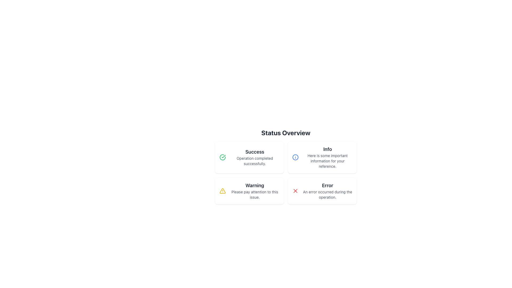  What do you see at coordinates (295, 191) in the screenshot?
I see `the error state indicator icon located at the top-left corner of the 'Error' status box in the second row` at bounding box center [295, 191].